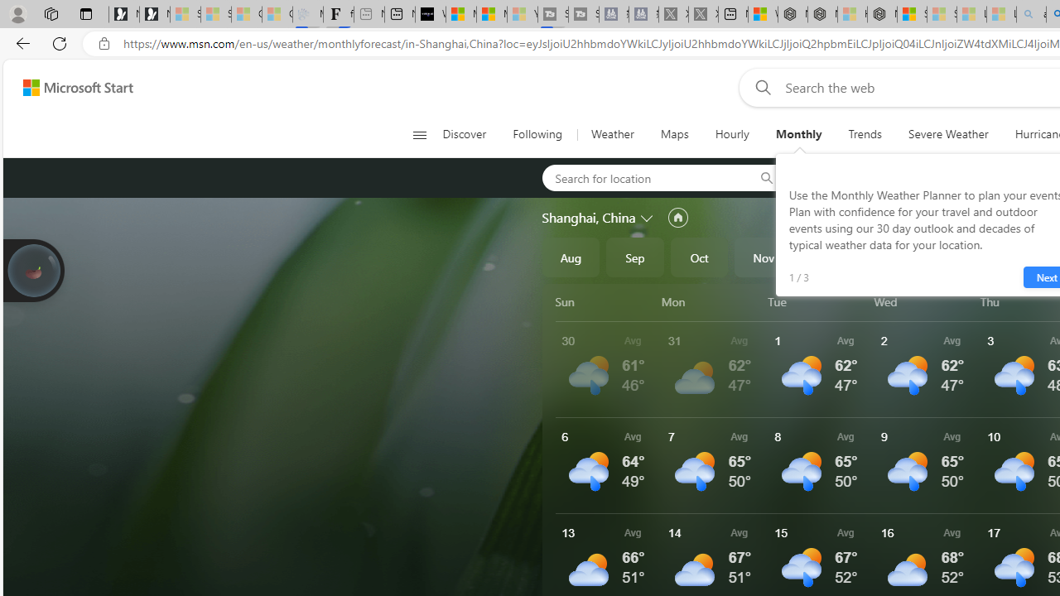 This screenshot has width=1060, height=596. Describe the element at coordinates (77, 87) in the screenshot. I see `'Microsoft Start'` at that location.